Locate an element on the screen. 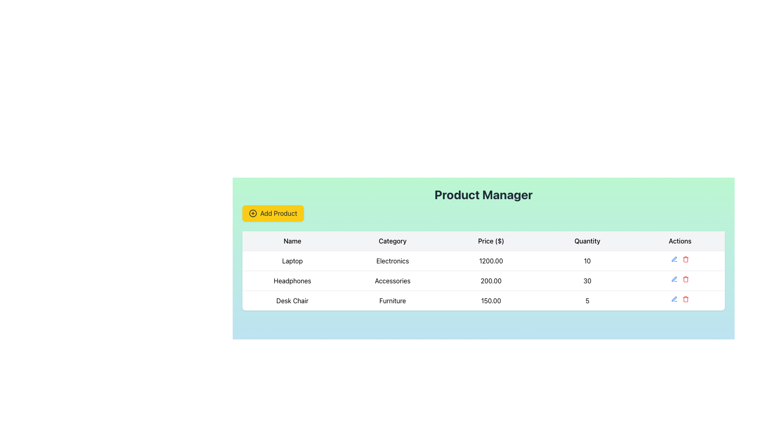  the numeric value '200.00' in the third column of the second row, which is aligned with the 'Price ($)' header and corresponds to 'Headphones' and 'Accessories' is located at coordinates (491, 280).